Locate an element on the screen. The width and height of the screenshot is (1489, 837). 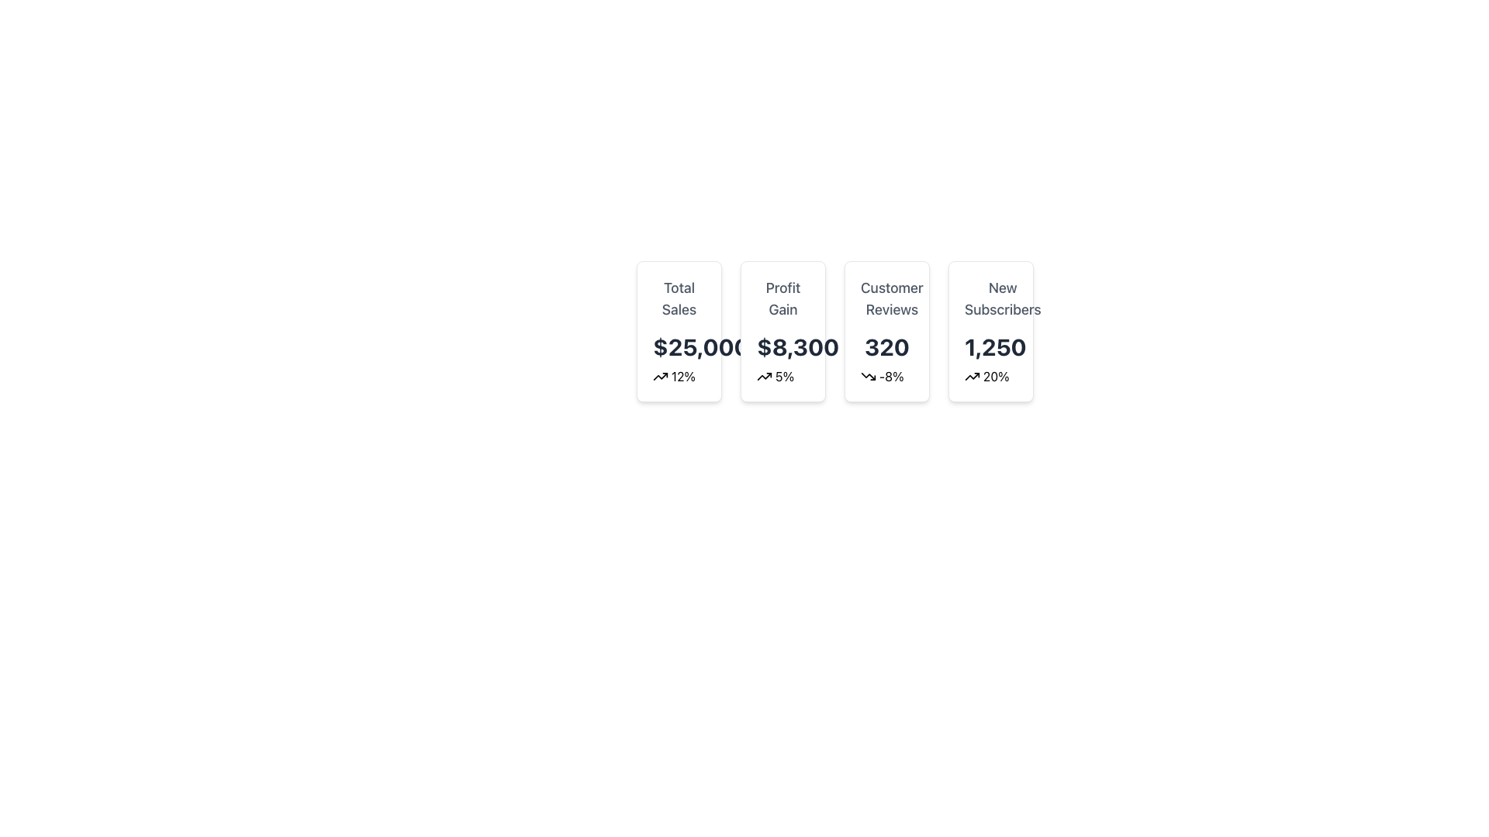
displayed information from the text label showing '20%' in bold green font, located at the bottom edge of the 'New Subscribers' card is located at coordinates (990, 377).